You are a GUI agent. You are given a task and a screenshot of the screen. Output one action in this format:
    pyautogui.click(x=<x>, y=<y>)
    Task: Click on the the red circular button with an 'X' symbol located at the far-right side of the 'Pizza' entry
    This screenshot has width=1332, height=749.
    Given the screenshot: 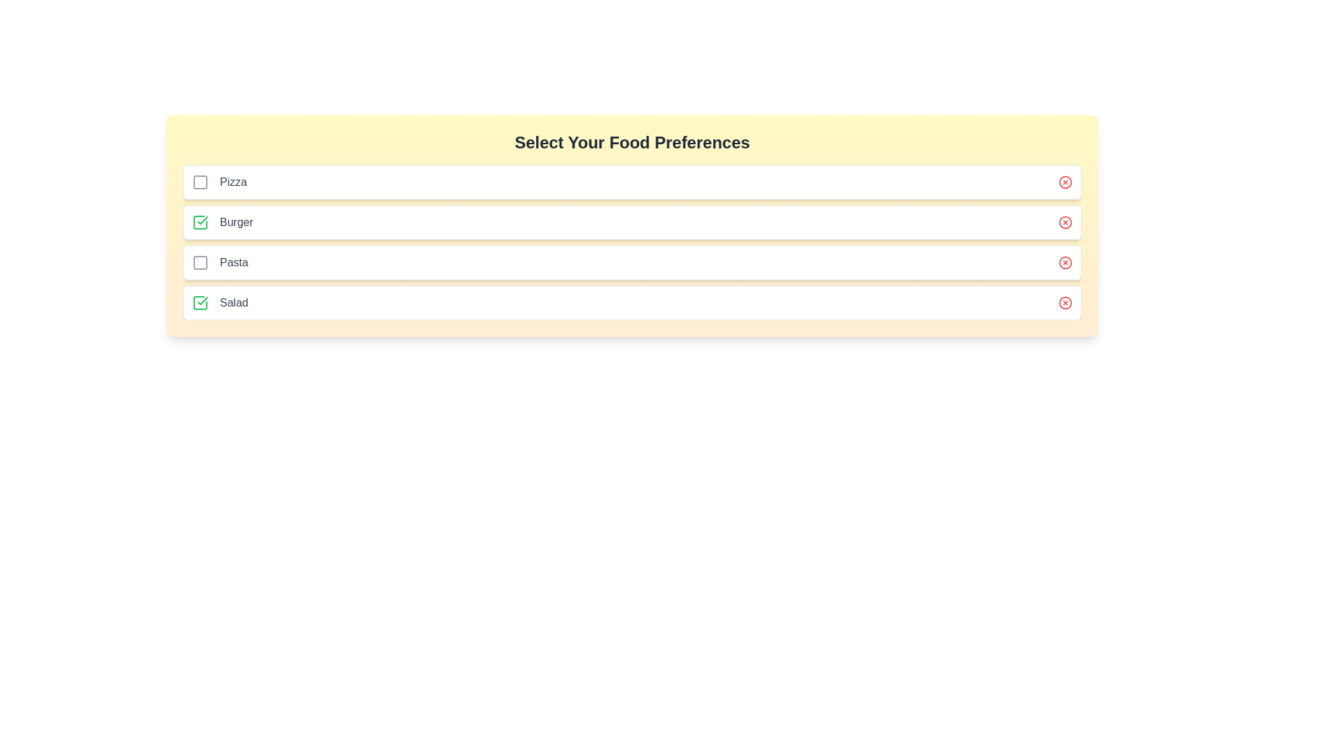 What is the action you would take?
    pyautogui.click(x=1065, y=181)
    